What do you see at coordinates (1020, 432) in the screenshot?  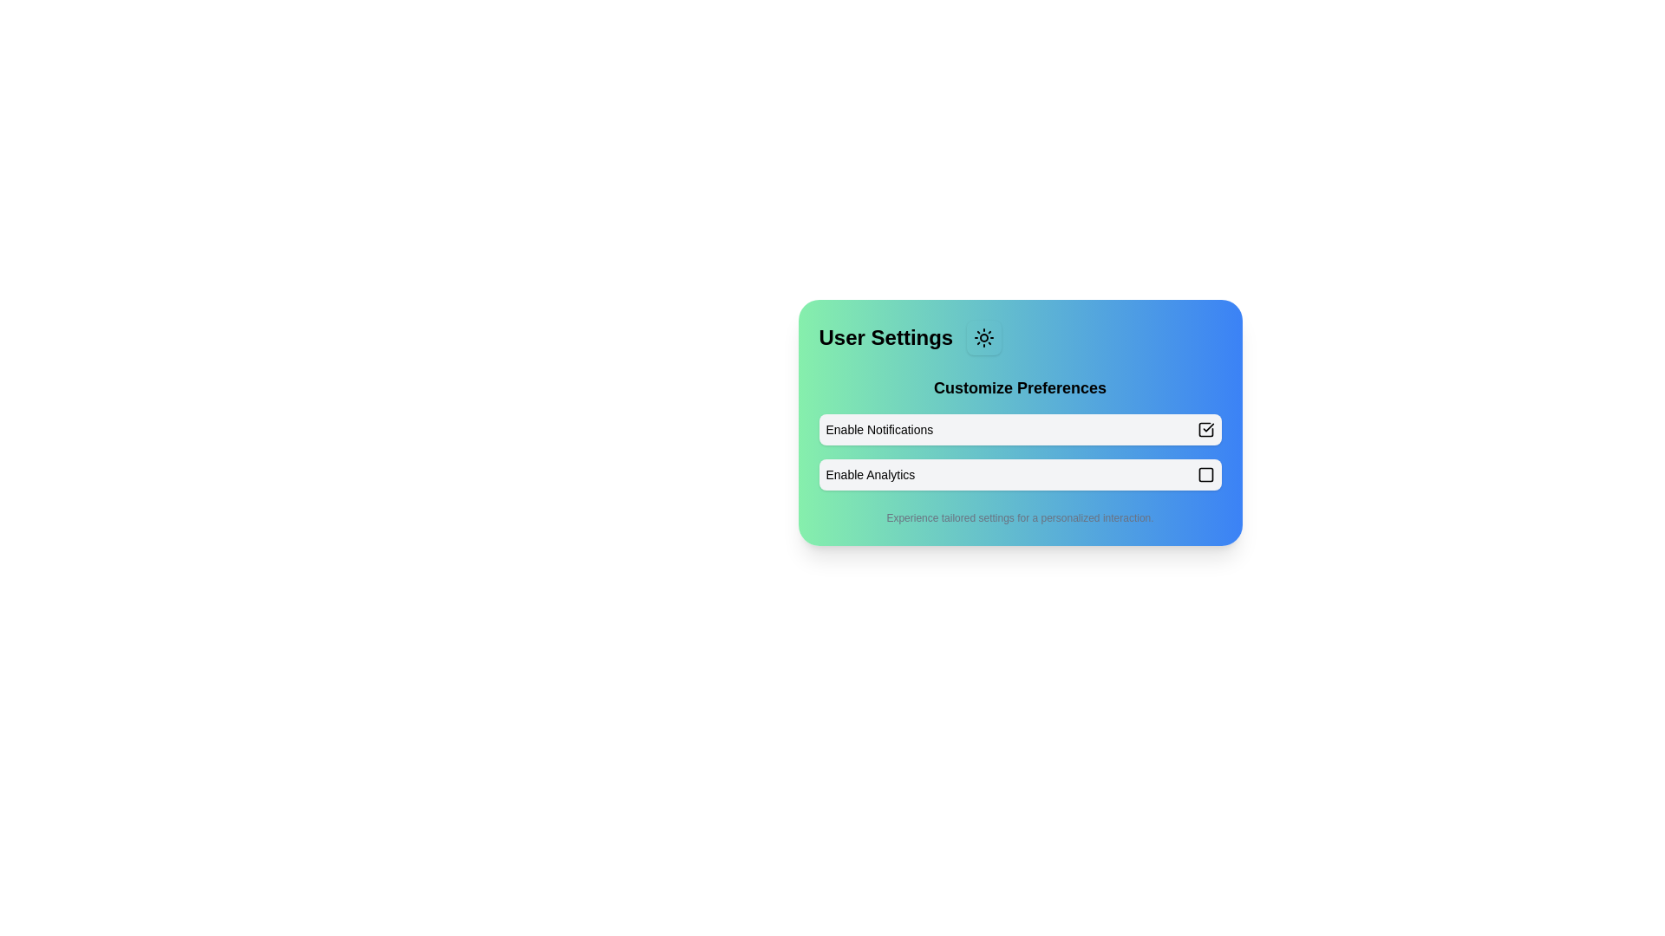 I see `the 'Enable Notifications' checkbox located in the A form section of the 'User Settings' card to check or uncheck it` at bounding box center [1020, 432].